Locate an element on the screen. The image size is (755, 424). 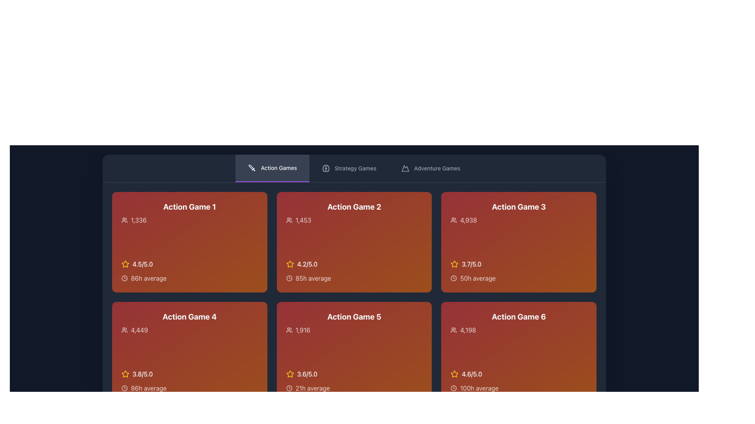
rating value displayed in the information panel of the card labeled 'Action Game 6', located at the bottom center above the line showing '100h average' is located at coordinates (519, 373).